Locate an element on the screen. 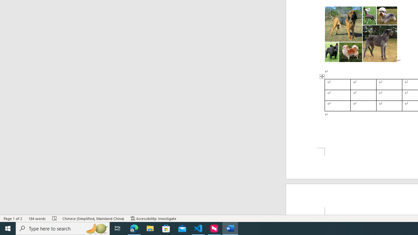 This screenshot has width=418, height=235. 'Word Count 184 words' is located at coordinates (37, 218).